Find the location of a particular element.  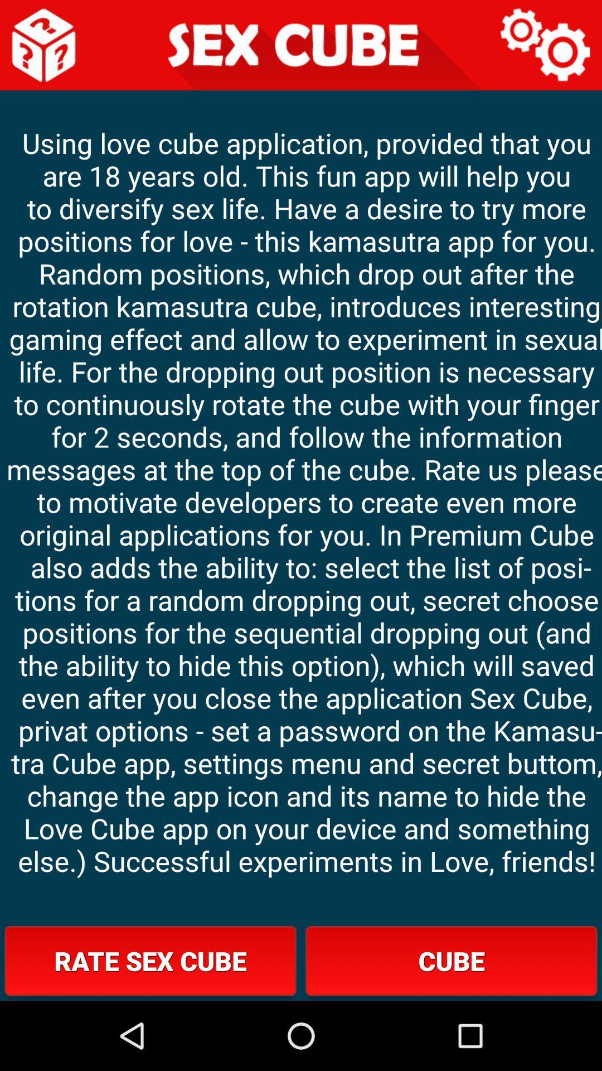

settings is located at coordinates (545, 45).